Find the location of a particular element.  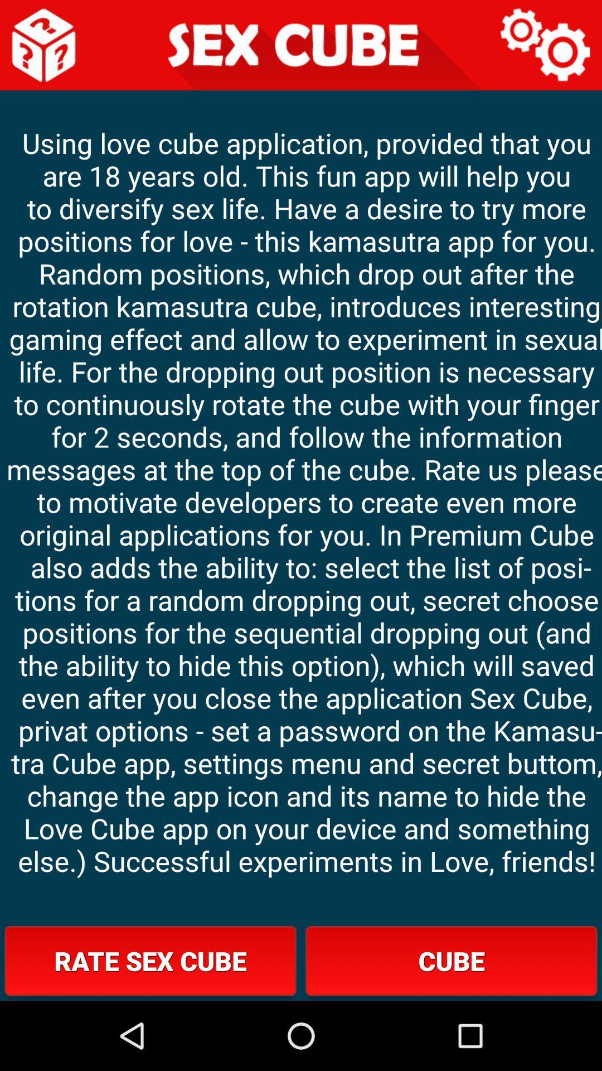

settings is located at coordinates (545, 45).